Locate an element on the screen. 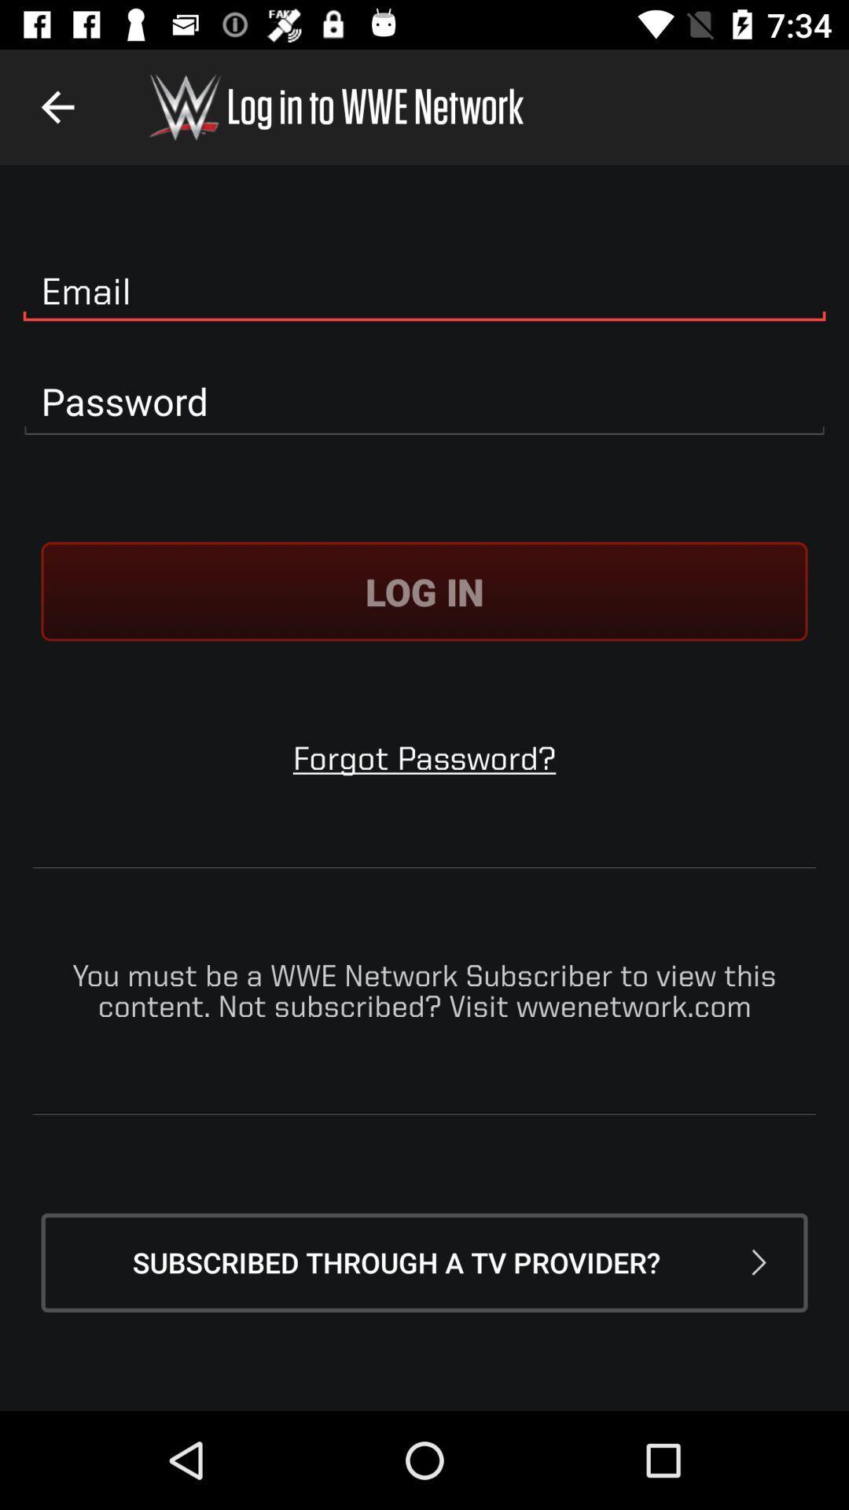  blank for writting password is located at coordinates (424, 402).